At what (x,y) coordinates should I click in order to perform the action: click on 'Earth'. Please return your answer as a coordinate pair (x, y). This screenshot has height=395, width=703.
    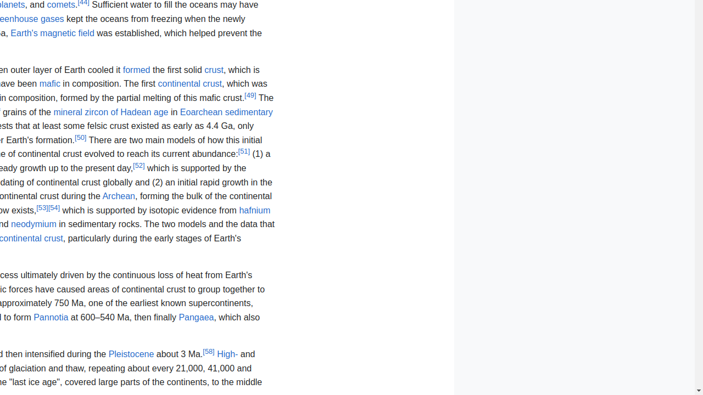
    Looking at the image, I should click on (52, 32).